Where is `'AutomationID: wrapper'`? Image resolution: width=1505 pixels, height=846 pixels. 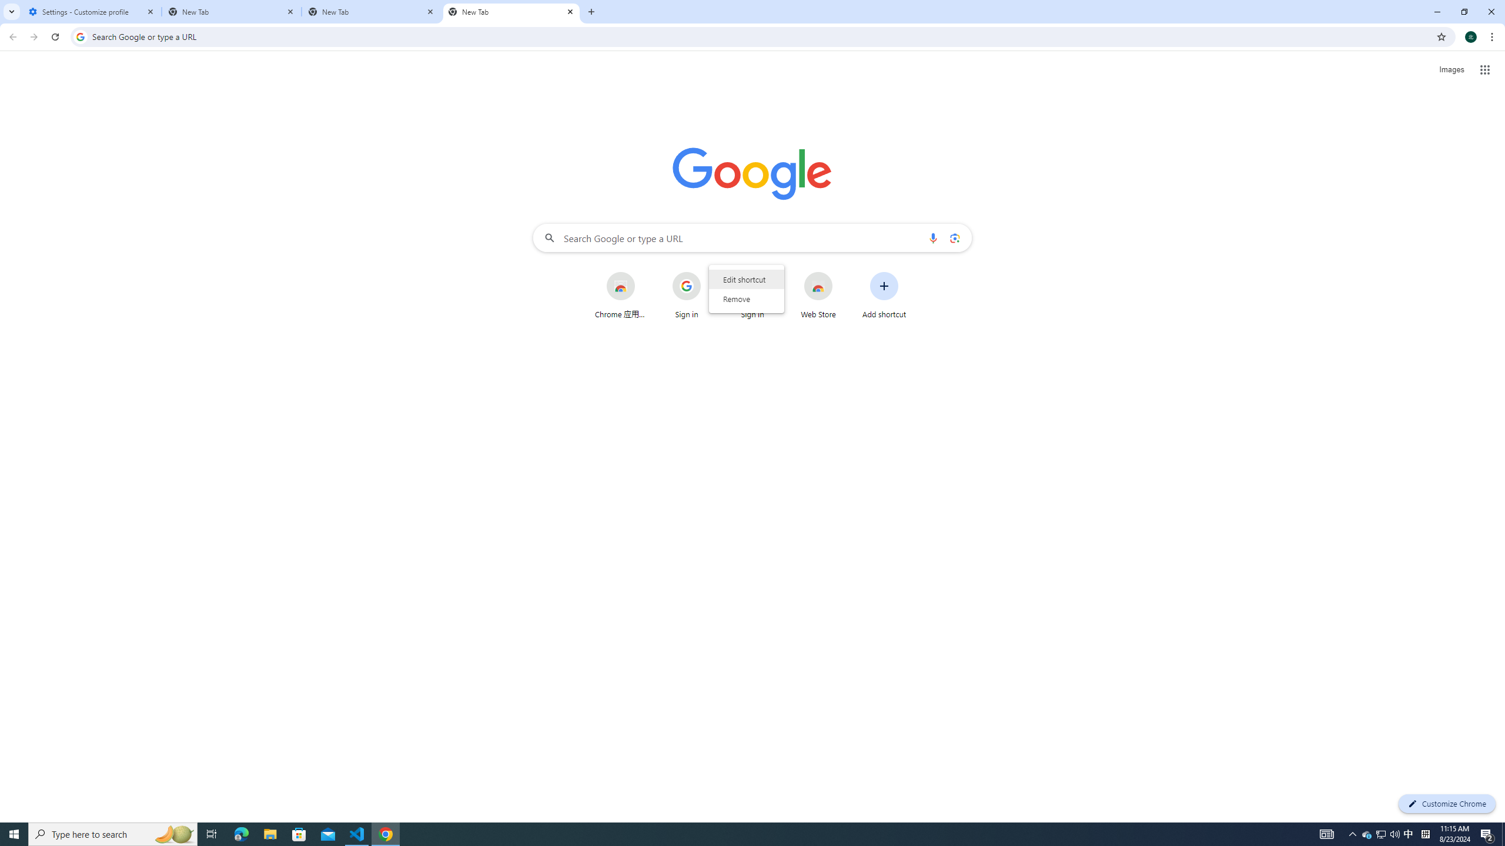
'AutomationID: wrapper' is located at coordinates (745, 288).